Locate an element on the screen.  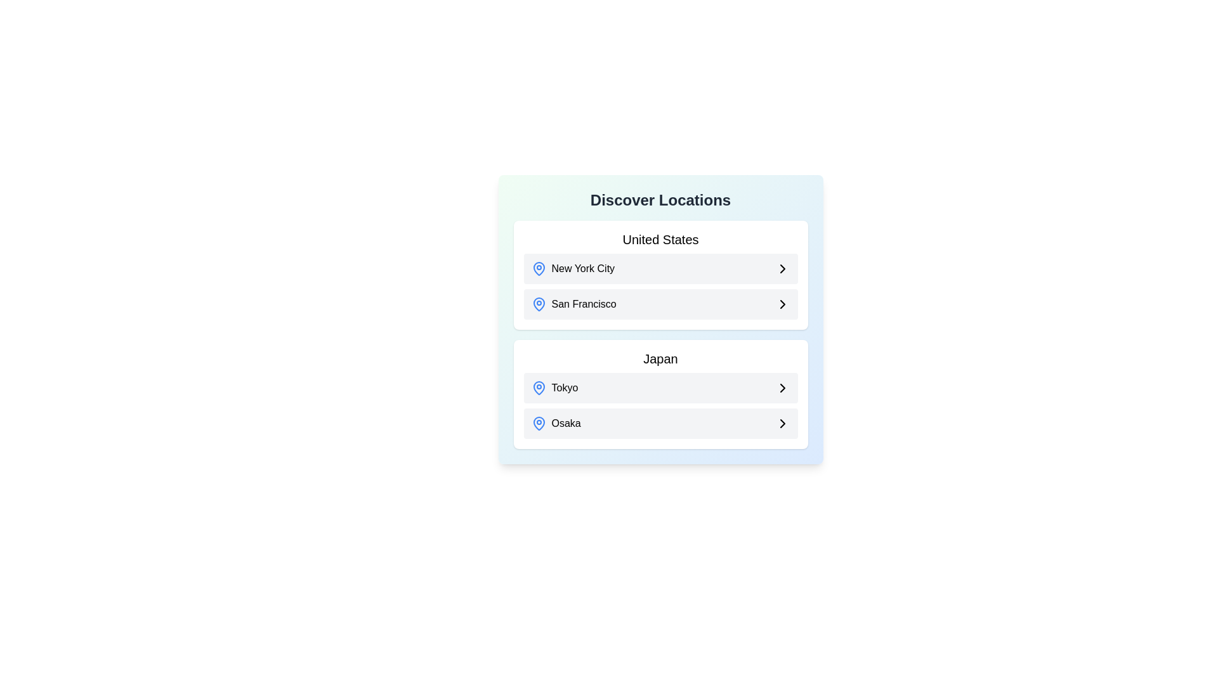
the header text label that indicates the category or group of city options, located centrally above the list of cities is located at coordinates (660, 240).